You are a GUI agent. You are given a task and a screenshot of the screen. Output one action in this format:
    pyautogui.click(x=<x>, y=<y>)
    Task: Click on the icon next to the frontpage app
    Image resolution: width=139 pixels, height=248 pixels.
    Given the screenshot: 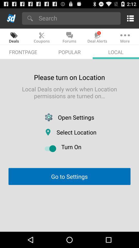 What is the action you would take?
    pyautogui.click(x=69, y=52)
    